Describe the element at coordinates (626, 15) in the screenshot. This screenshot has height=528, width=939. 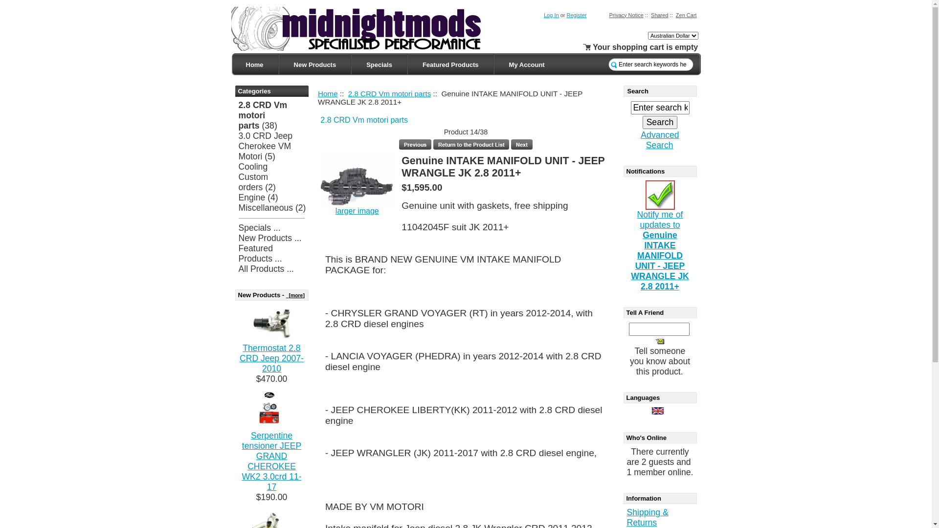
I see `'Privacy Notice'` at that location.